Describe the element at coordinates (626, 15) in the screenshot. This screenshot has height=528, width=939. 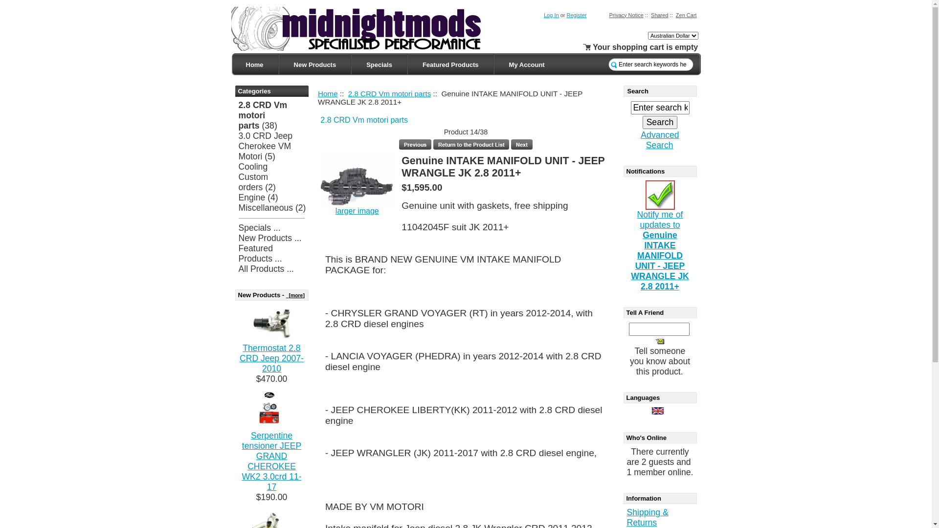
I see `'Privacy Notice'` at that location.